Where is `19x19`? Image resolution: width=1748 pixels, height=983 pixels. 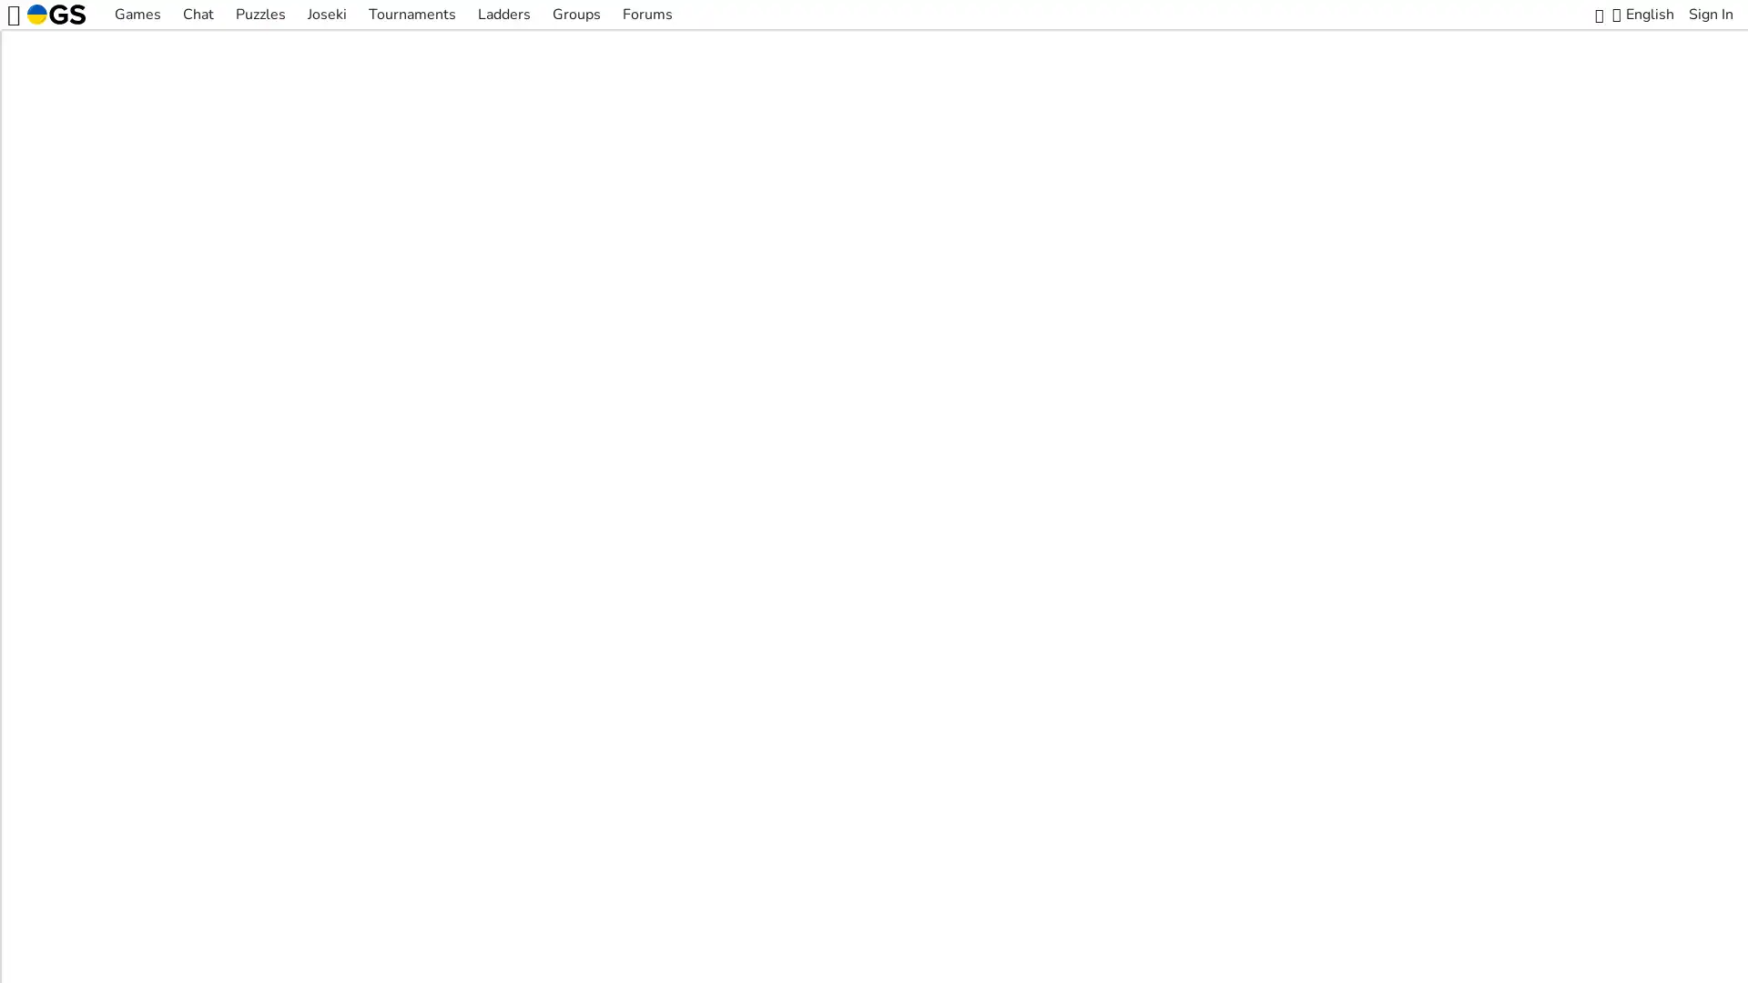
19x19 is located at coordinates (869, 718).